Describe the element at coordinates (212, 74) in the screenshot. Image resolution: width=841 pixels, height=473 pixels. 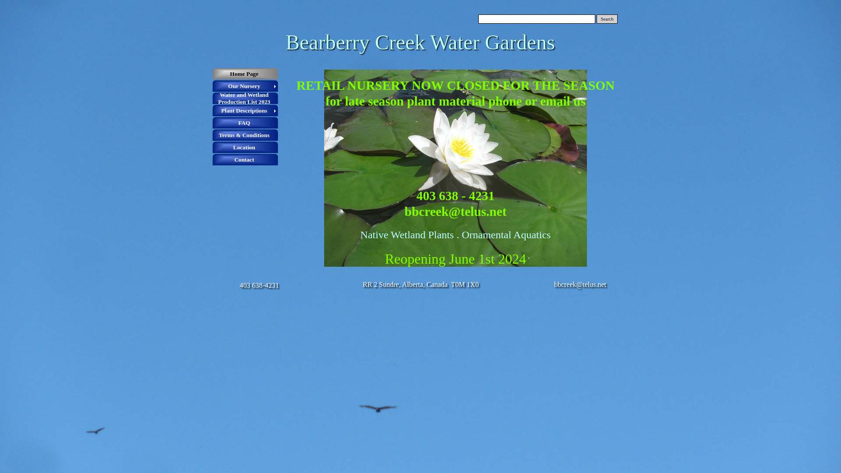
I see `'Home Page'` at that location.